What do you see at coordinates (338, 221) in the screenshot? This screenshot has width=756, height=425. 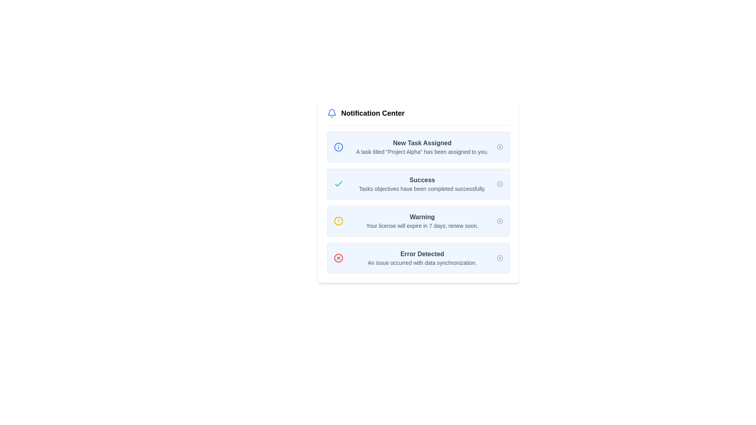 I see `properties of the SVG Circle Component with a yellow border located to the left of the warning text 'Your license will expire in 7 days; renew soon.' in the Notification Center interface` at bounding box center [338, 221].